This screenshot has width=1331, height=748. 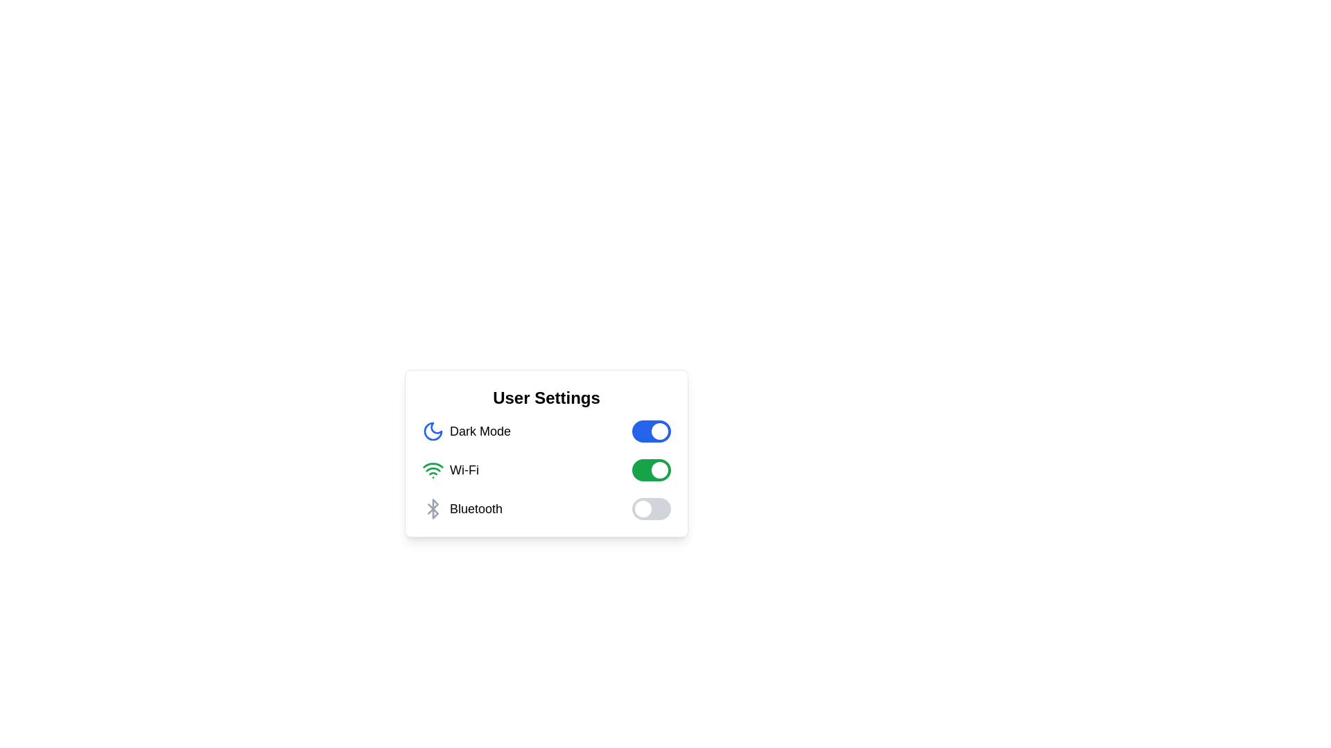 I want to click on the 'Wi-Fi' text label, which is a medium-sized, bold black text component indicating connectivity settings, positioned to the right of a green Wi-Fi icon, so click(x=464, y=469).